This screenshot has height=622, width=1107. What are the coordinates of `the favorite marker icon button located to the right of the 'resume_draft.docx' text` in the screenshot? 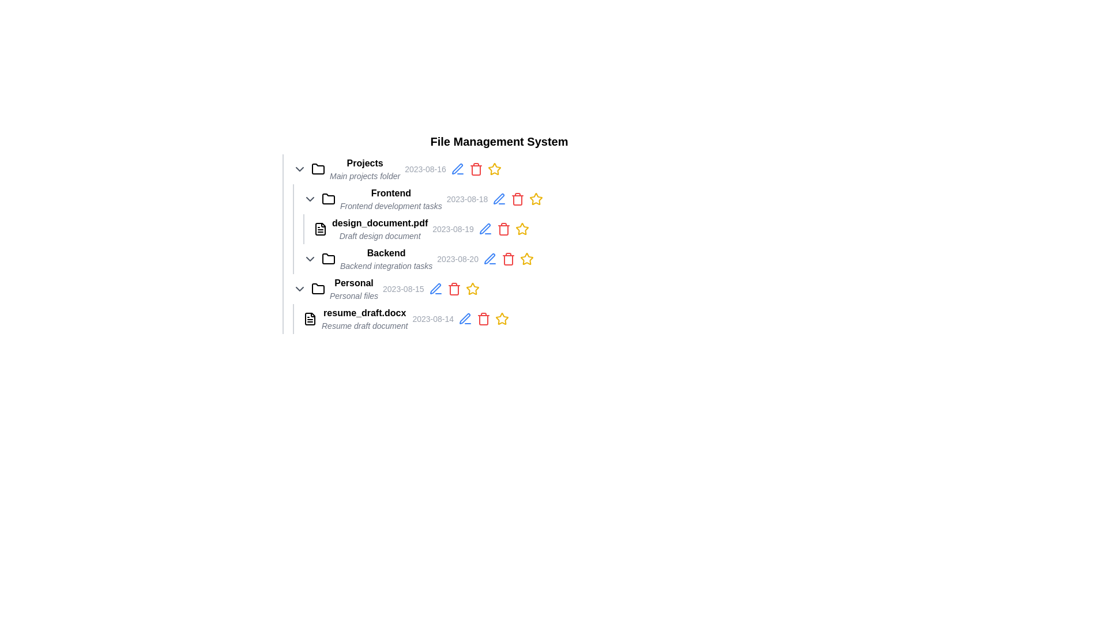 It's located at (502, 319).